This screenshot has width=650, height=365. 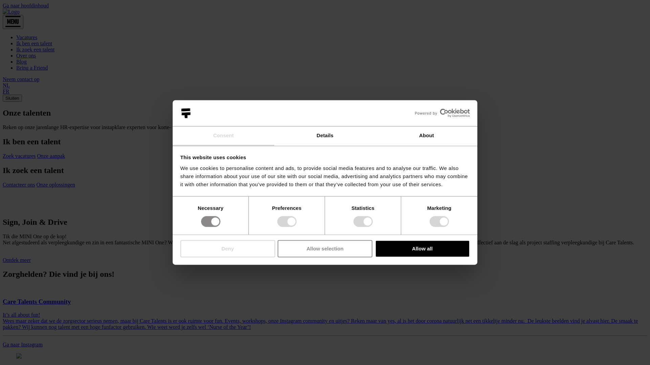 I want to click on 'Ik ben een talent', so click(x=34, y=43).